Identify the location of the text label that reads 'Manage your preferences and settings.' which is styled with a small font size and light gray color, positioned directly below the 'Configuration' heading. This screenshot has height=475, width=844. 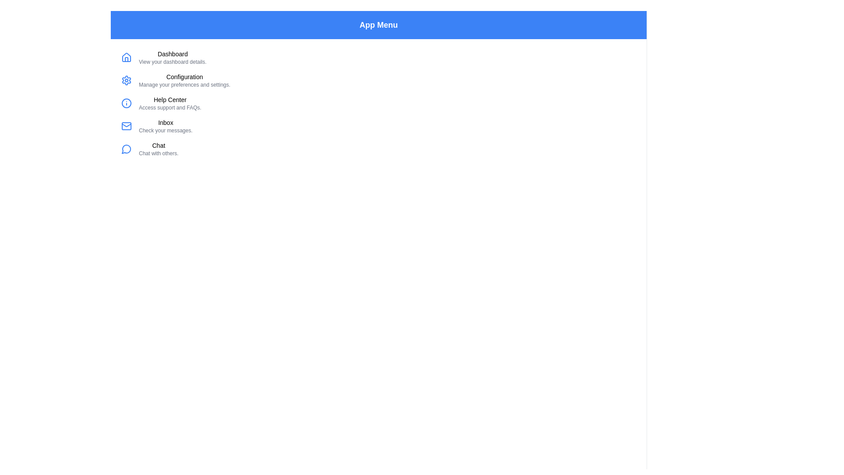
(184, 84).